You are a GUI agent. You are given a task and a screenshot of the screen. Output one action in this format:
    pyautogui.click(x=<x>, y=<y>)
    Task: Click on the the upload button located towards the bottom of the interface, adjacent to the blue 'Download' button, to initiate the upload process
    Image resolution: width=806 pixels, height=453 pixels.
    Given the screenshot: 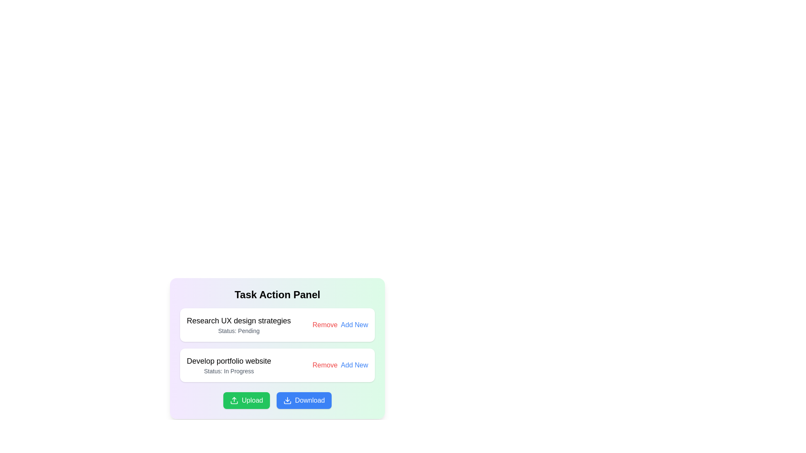 What is the action you would take?
    pyautogui.click(x=246, y=400)
    